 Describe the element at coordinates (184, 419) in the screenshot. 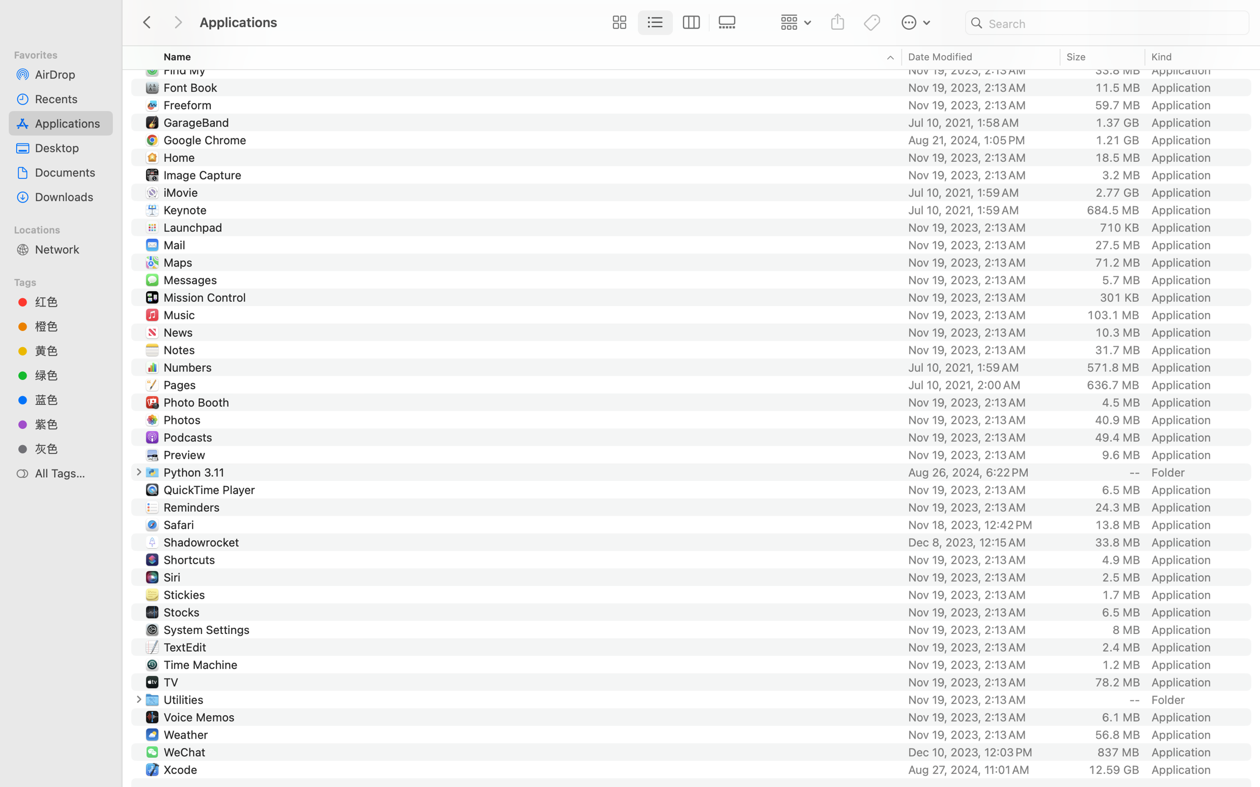

I see `'Photos'` at that location.